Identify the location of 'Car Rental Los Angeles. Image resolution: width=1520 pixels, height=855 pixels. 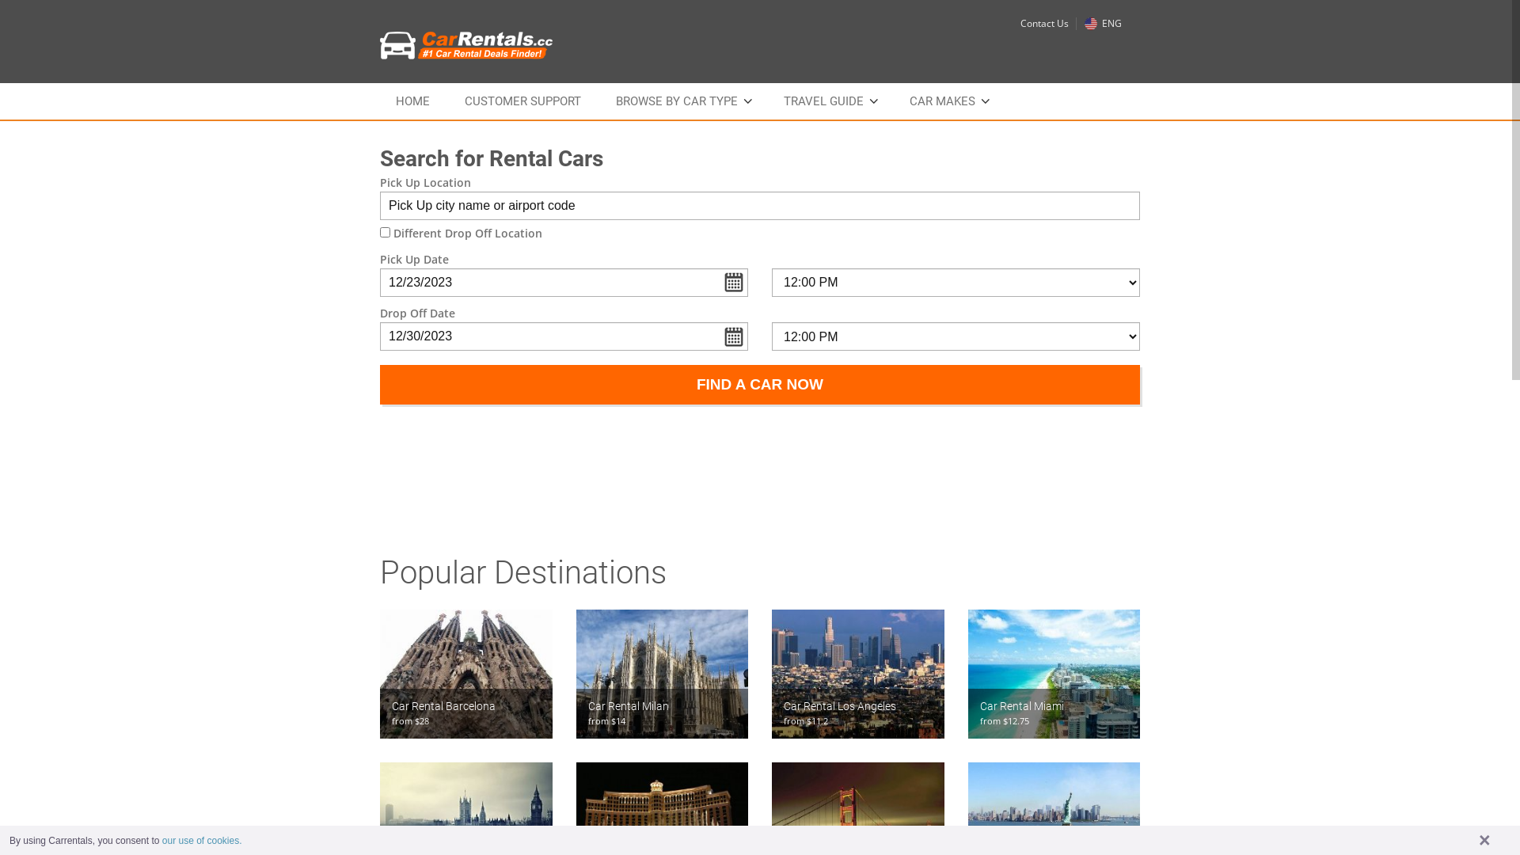
(857, 674).